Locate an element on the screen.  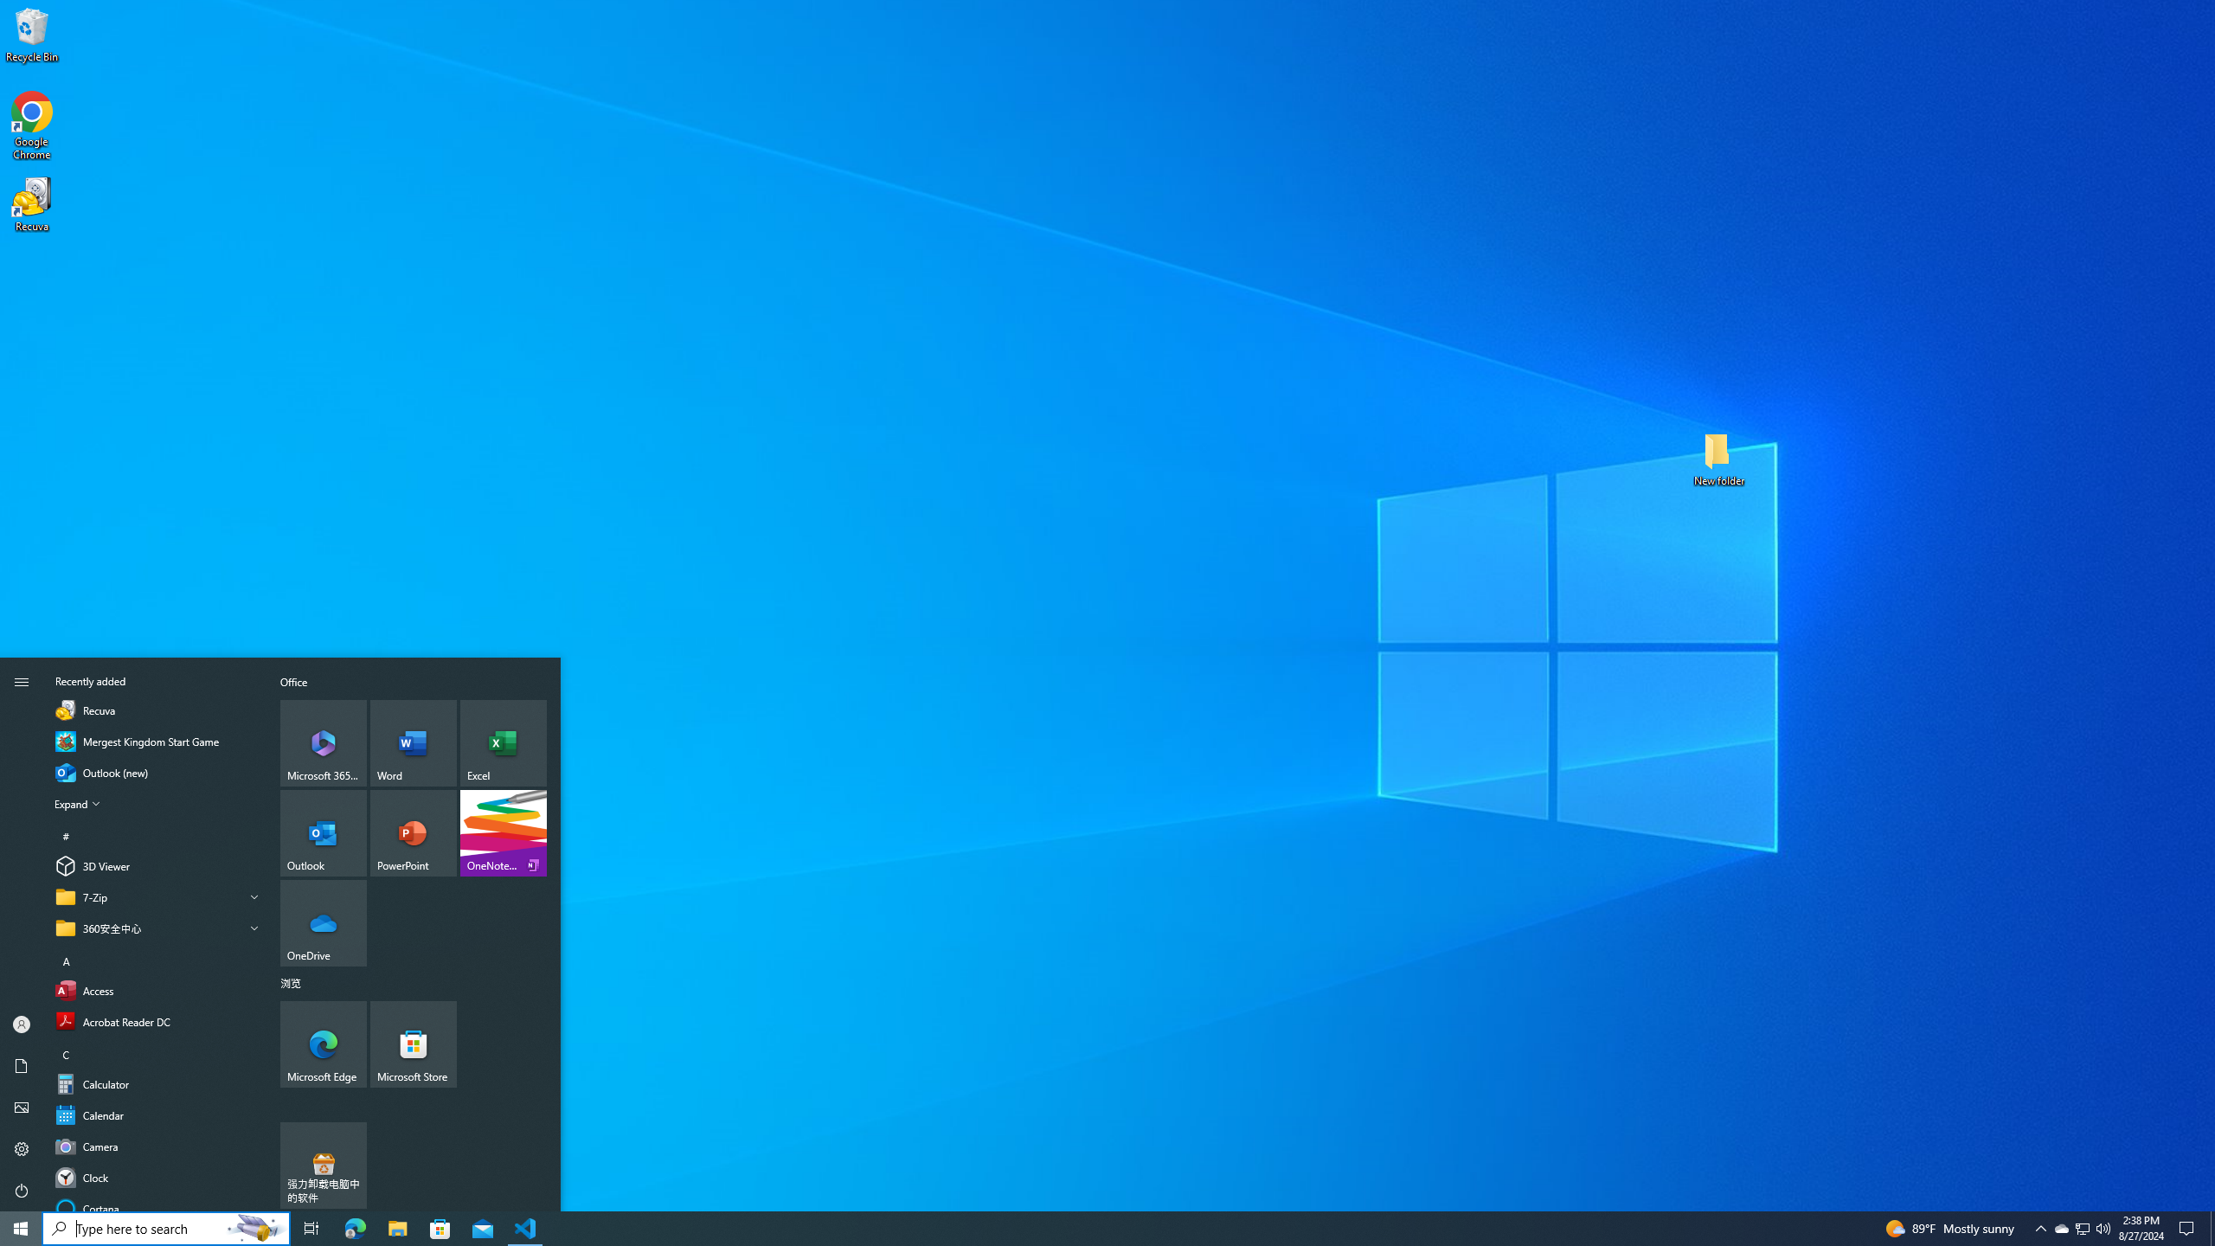
'Search box' is located at coordinates (131, 1227).